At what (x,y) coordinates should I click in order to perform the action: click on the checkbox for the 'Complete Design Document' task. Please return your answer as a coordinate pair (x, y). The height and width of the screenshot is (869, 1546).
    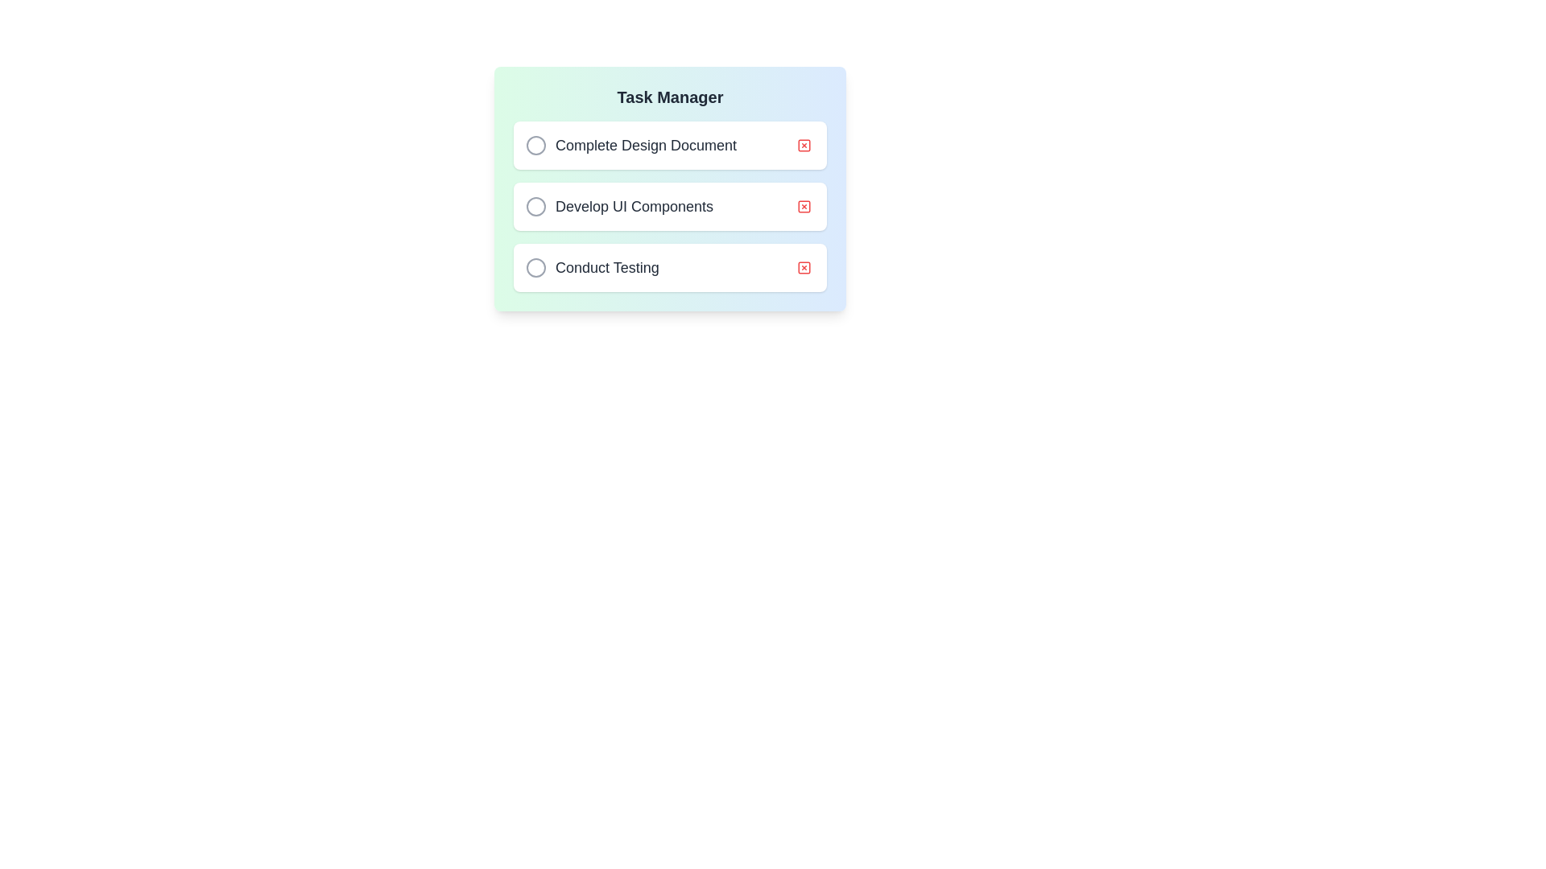
    Looking at the image, I should click on (536, 146).